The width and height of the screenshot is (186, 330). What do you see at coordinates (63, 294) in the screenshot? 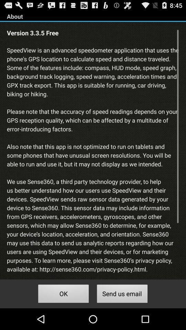
I see `the ok icon` at bounding box center [63, 294].